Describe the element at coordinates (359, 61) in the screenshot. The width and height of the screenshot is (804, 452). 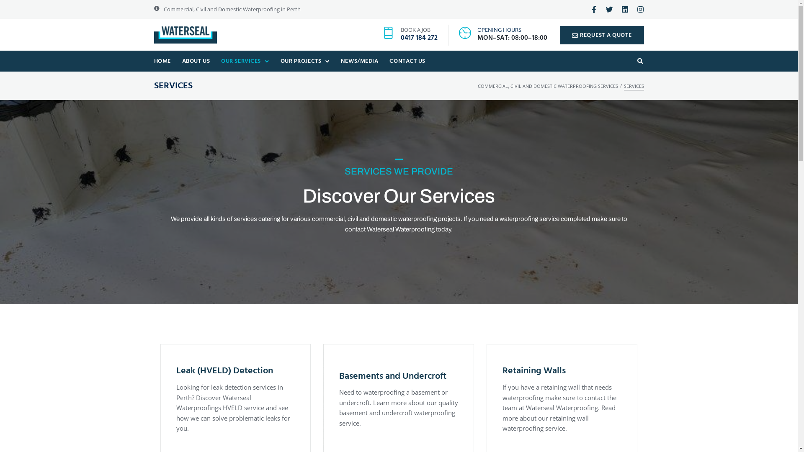
I see `'NEWS/MEDIA'` at that location.